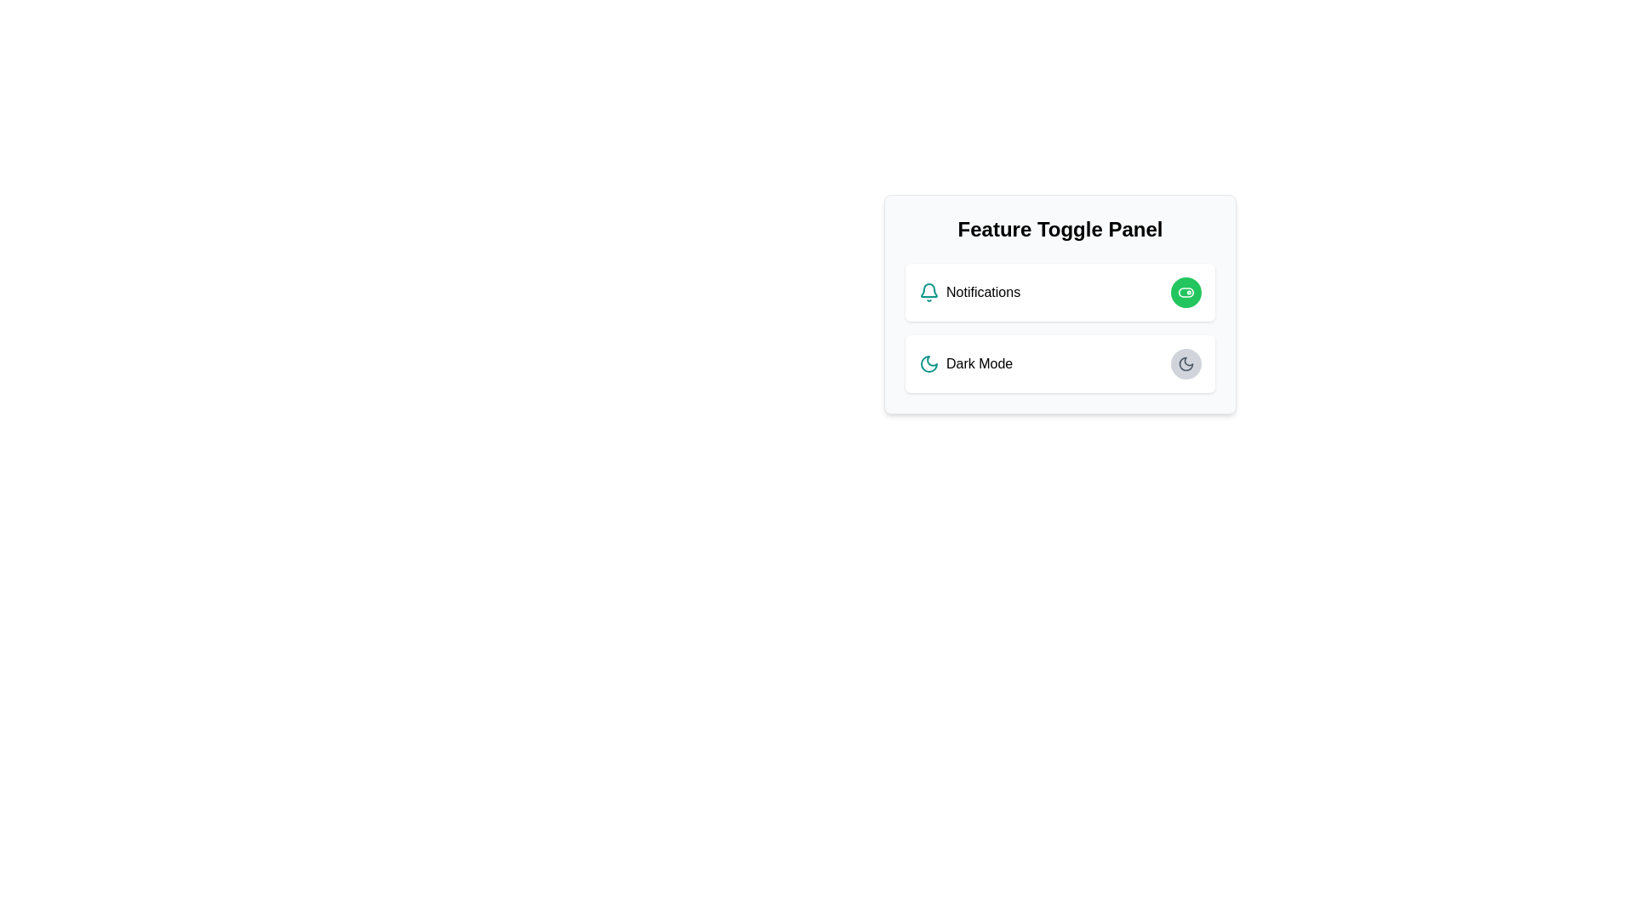 The height and width of the screenshot is (919, 1634). Describe the element at coordinates (1185, 363) in the screenshot. I see `the toggle button for Dark Mode located on the right side of the row in the Feature Toggle Panel` at that location.